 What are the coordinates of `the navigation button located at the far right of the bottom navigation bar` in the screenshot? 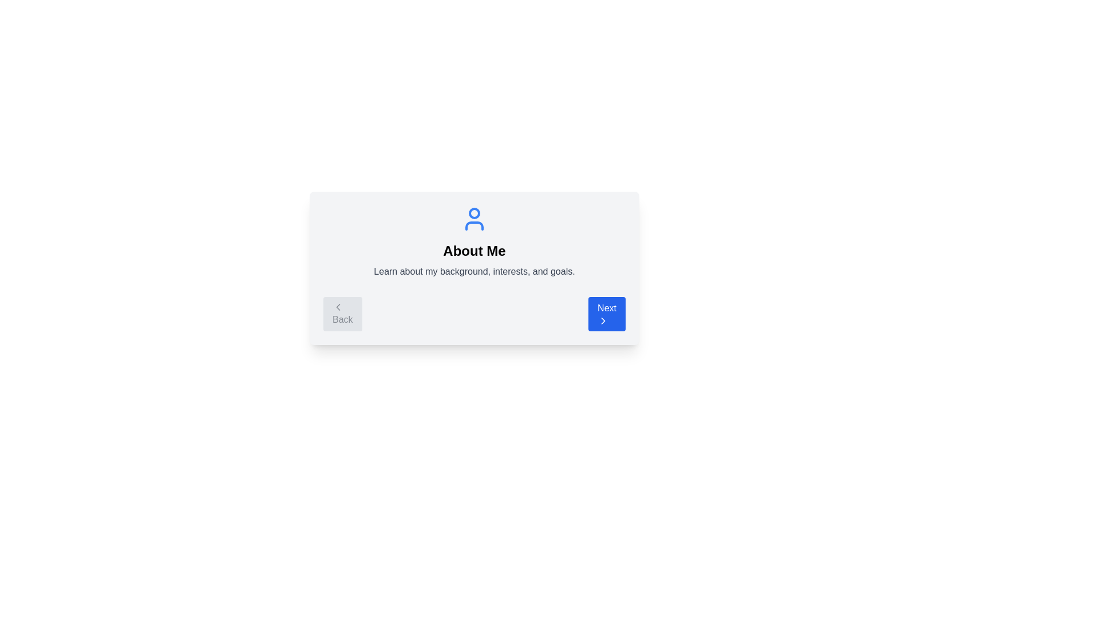 It's located at (606, 314).